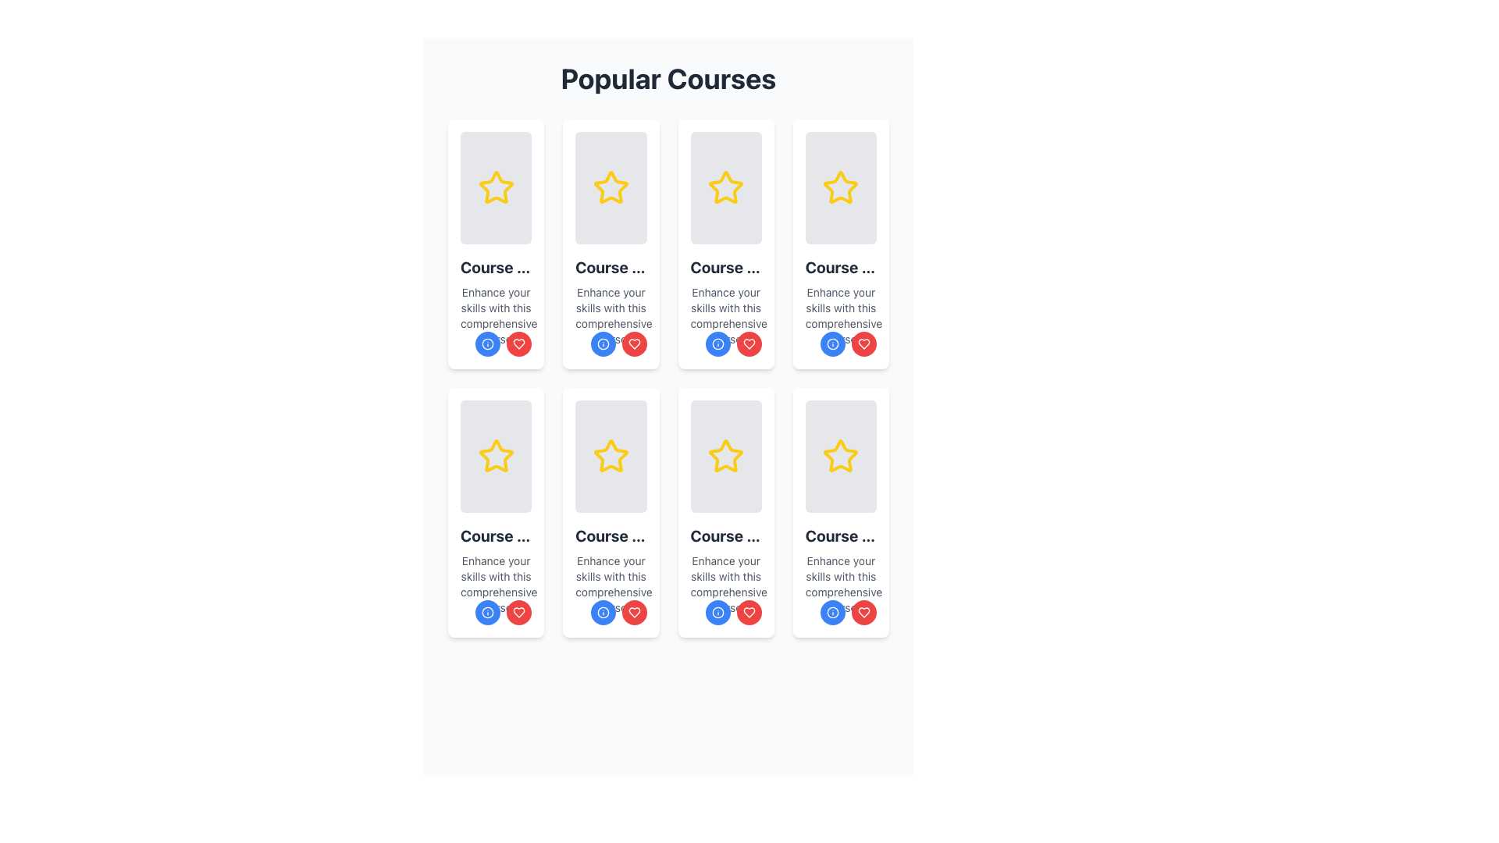 This screenshot has width=1499, height=843. I want to click on the 'like' or 'add to favorites' button located at the right side of the pair, adjacent to another blue circular button, within the bottom section of a course card to see if options are available, so click(519, 343).